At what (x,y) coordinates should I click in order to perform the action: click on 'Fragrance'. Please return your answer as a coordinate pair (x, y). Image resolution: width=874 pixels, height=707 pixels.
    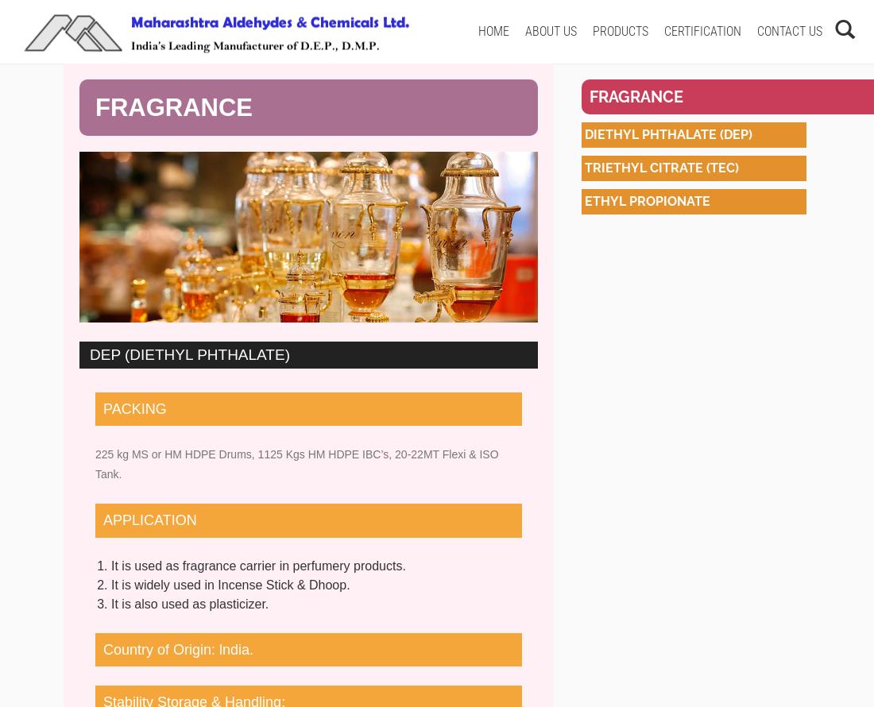
    Looking at the image, I should click on (636, 96).